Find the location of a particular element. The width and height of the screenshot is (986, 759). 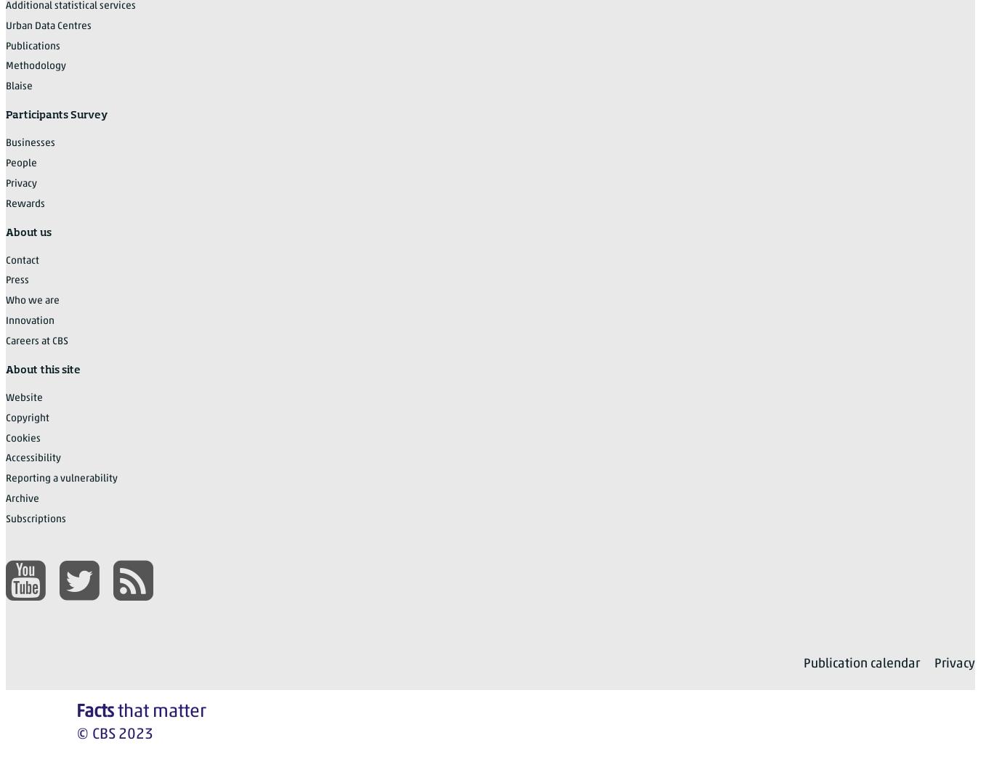

'Blaise' is located at coordinates (18, 86).